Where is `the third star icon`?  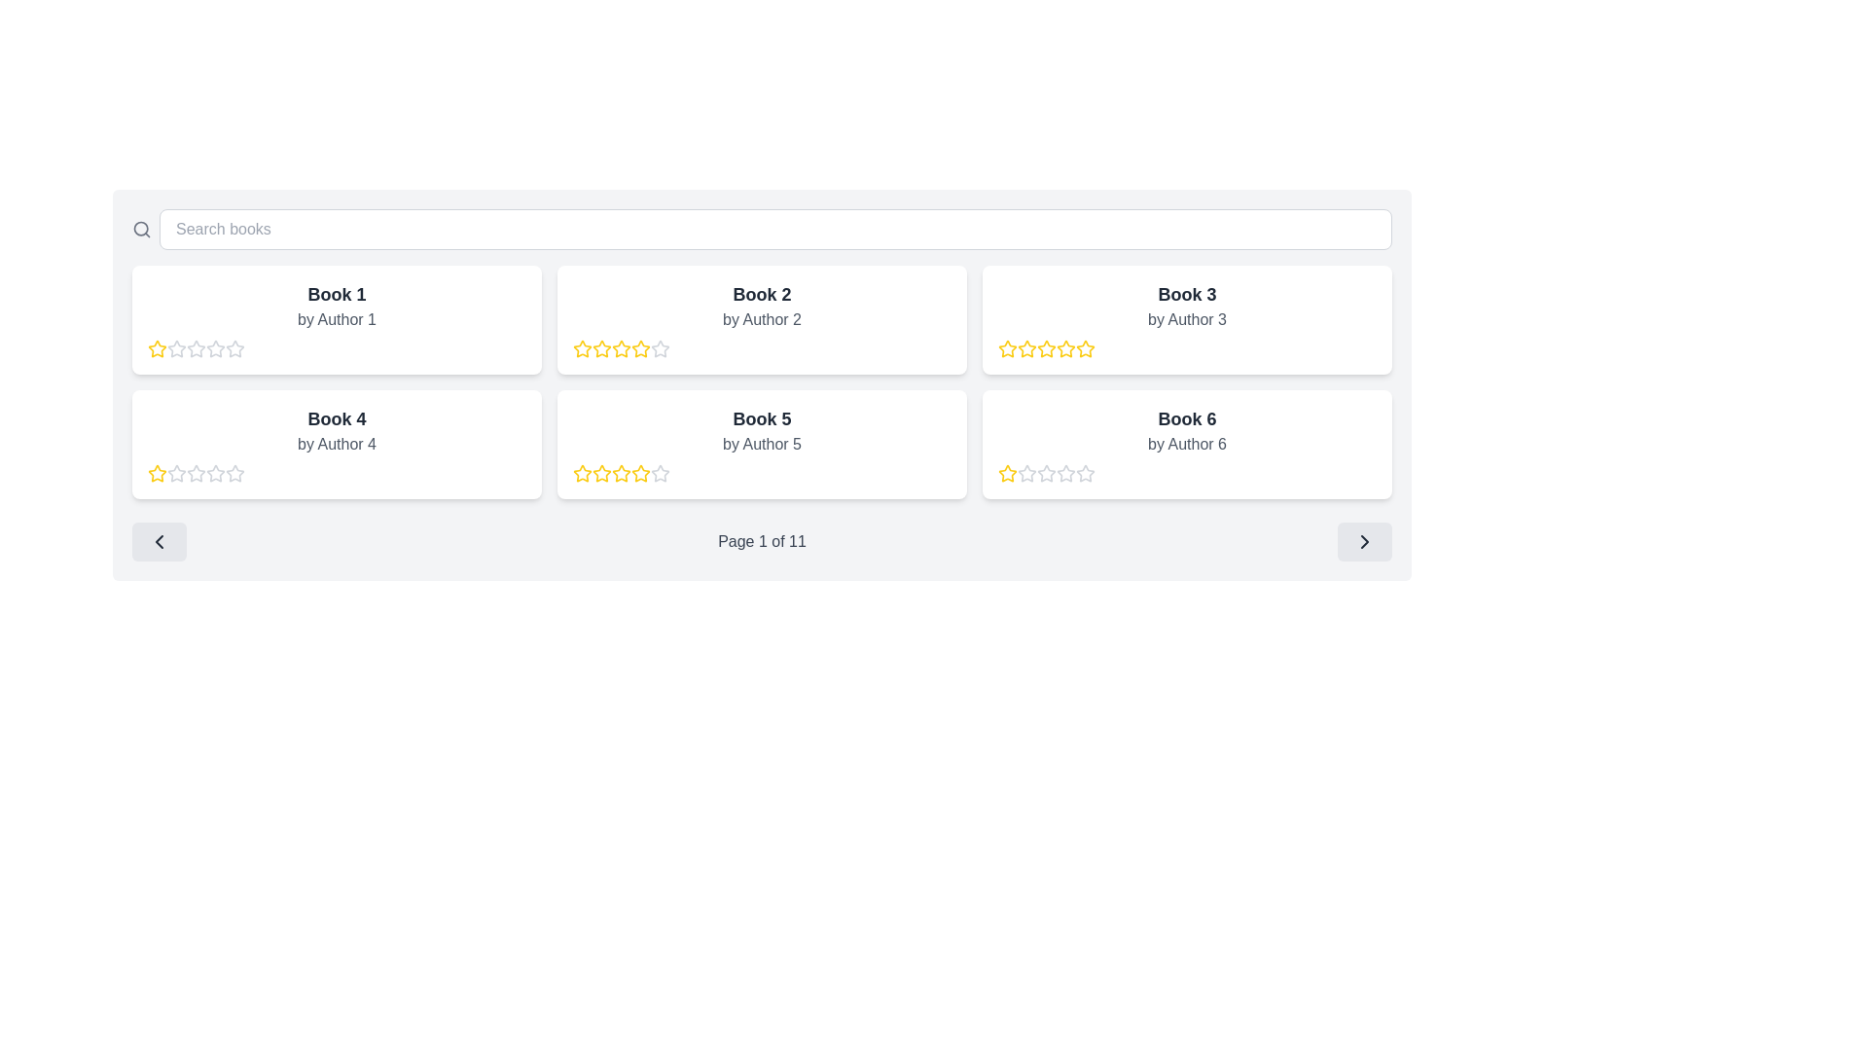 the third star icon is located at coordinates (1045, 347).